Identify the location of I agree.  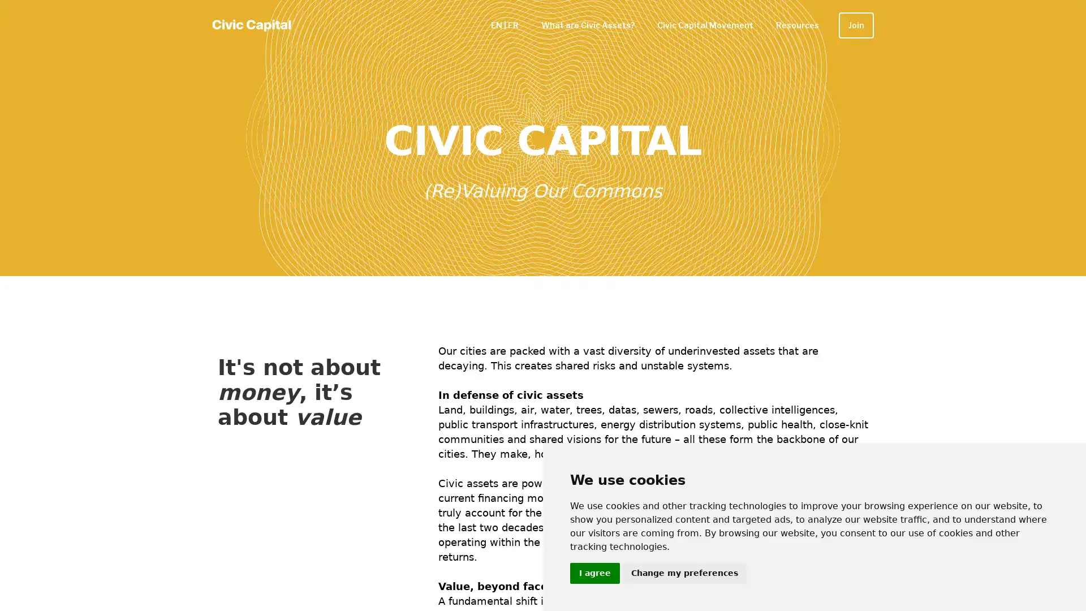
(594, 573).